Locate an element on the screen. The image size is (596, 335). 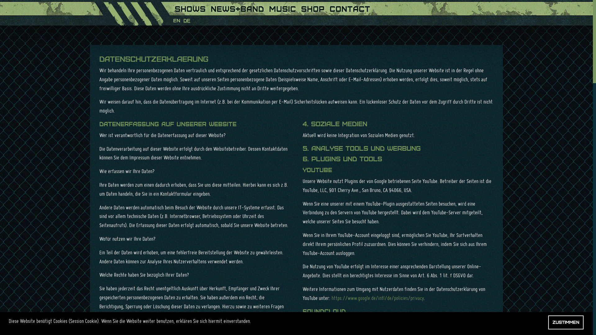
'NEWS+BAND' is located at coordinates (237, 7).